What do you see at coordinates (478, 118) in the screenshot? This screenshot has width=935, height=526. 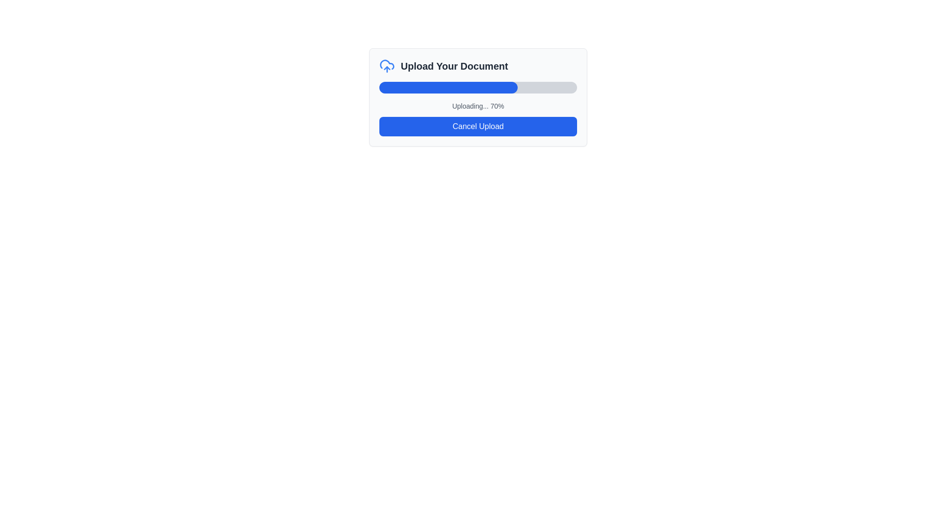 I see `progress message from the text label displaying 'Uploading... 70%' located in the Composite UI containing a button labeled 'Cancel Upload'` at bounding box center [478, 118].